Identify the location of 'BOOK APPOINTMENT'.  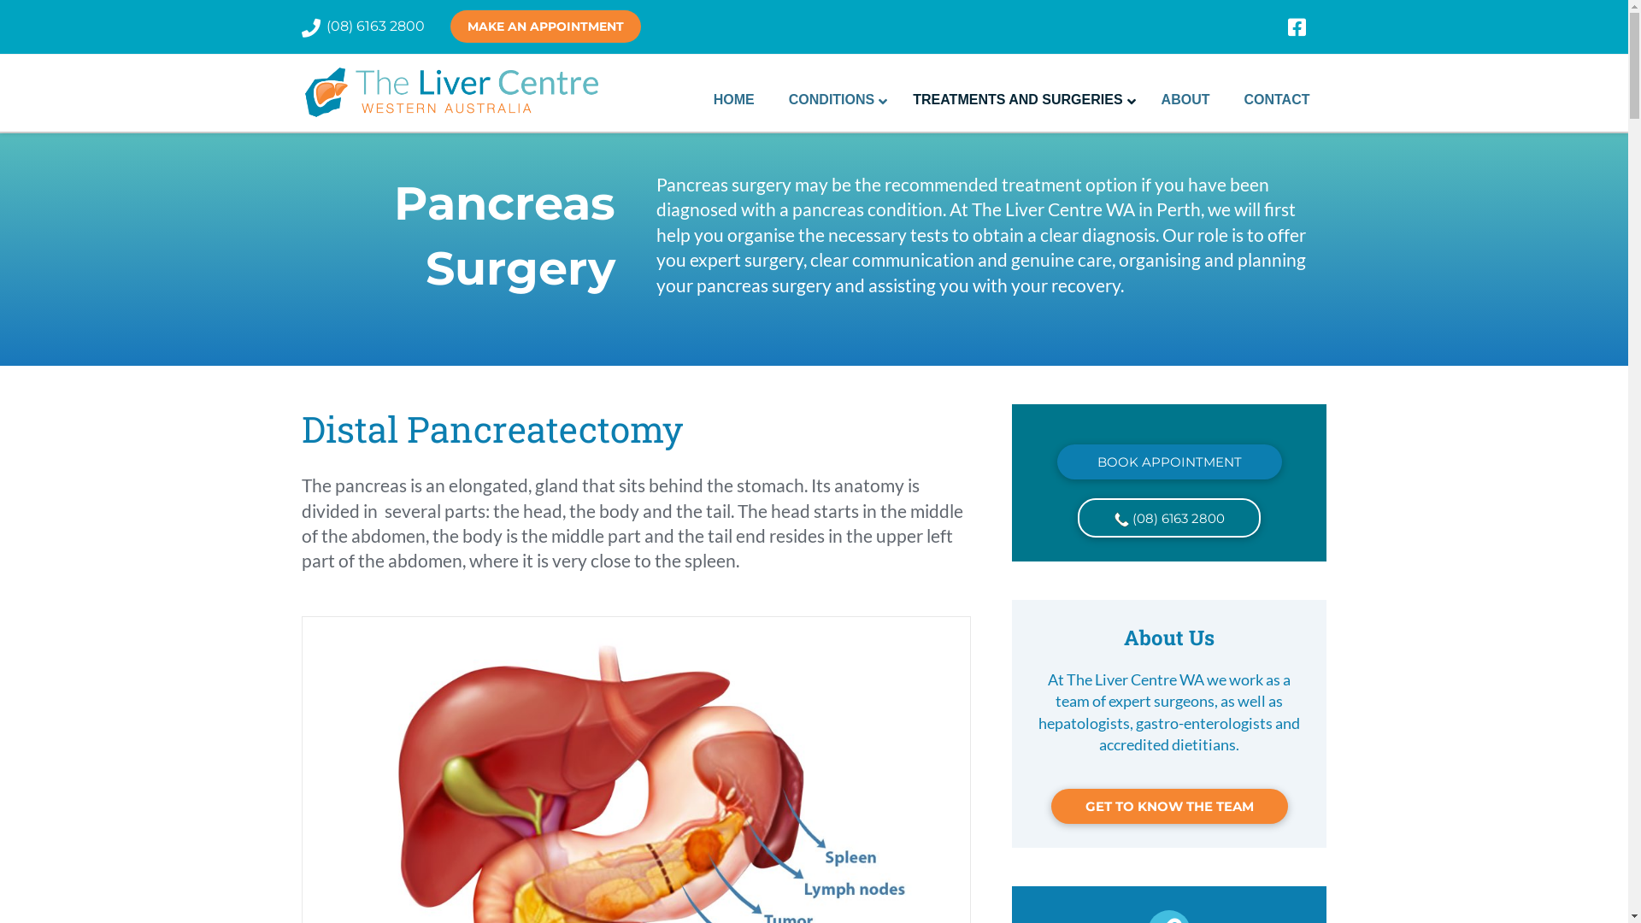
(1168, 461).